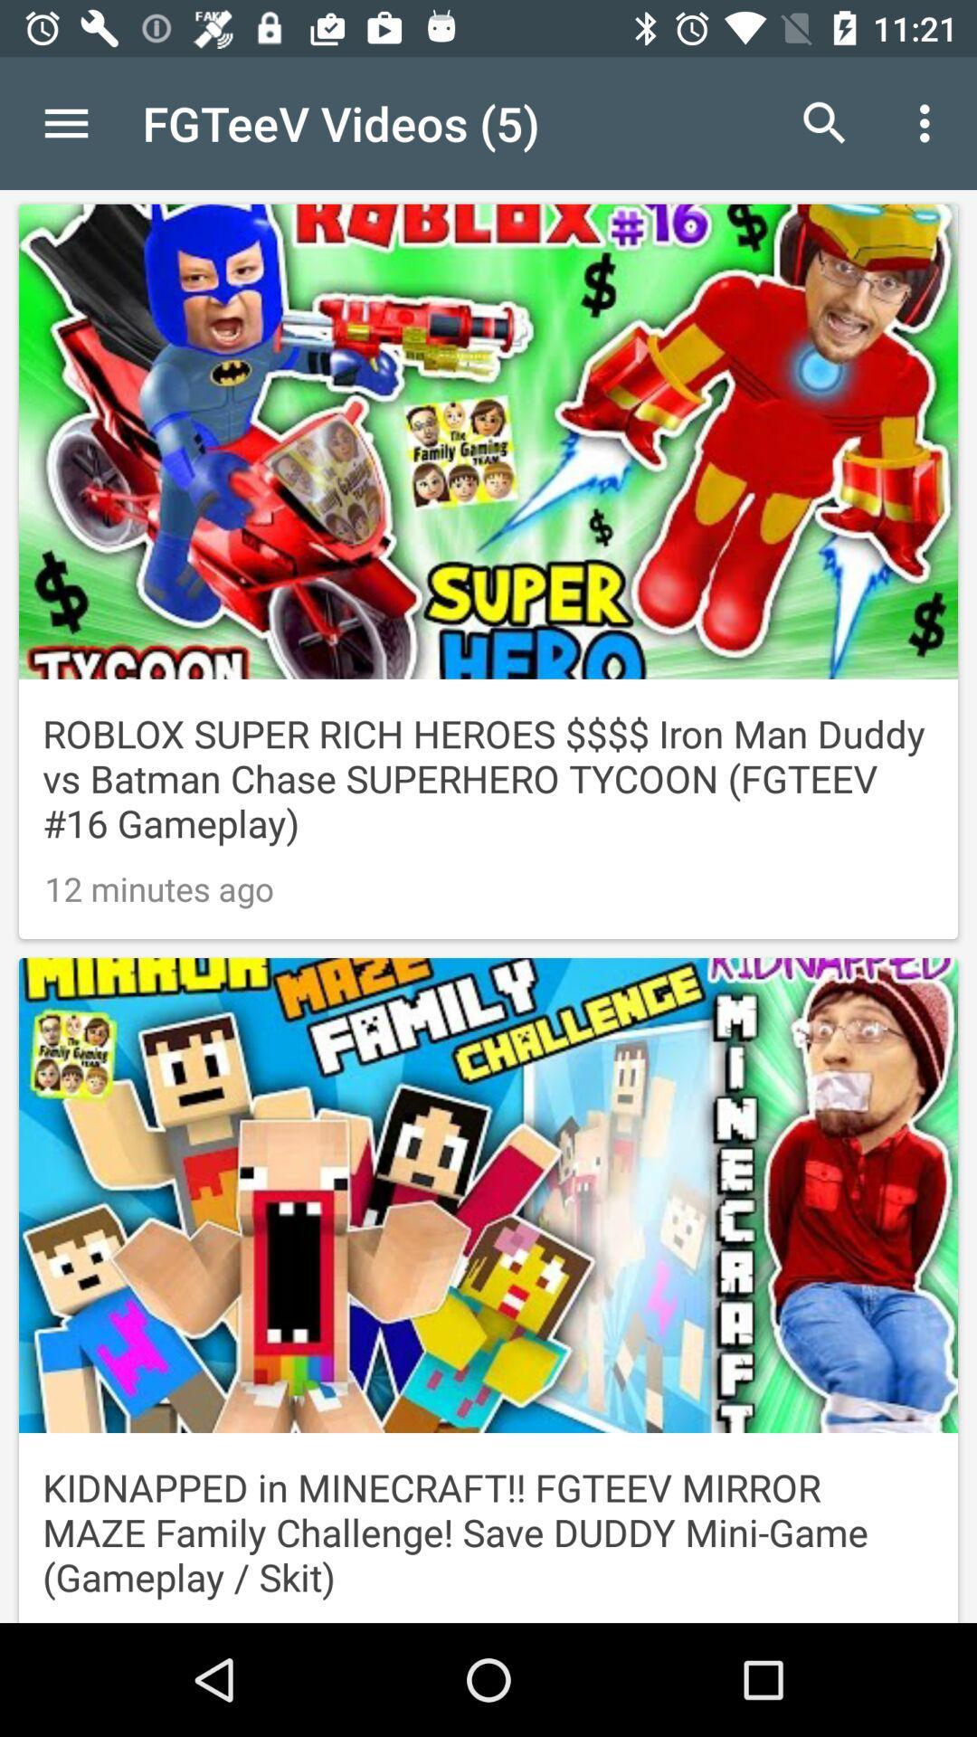 The image size is (977, 1737). What do you see at coordinates (824, 122) in the screenshot?
I see `icon next to fgteev videos (5) icon` at bounding box center [824, 122].